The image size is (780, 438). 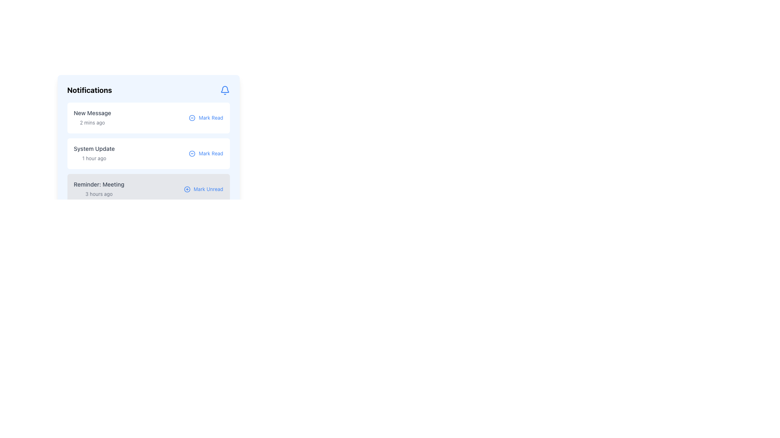 What do you see at coordinates (225, 90) in the screenshot?
I see `the small, blue notification bell icon located next to the 'Notifications' header in the notification panel` at bounding box center [225, 90].